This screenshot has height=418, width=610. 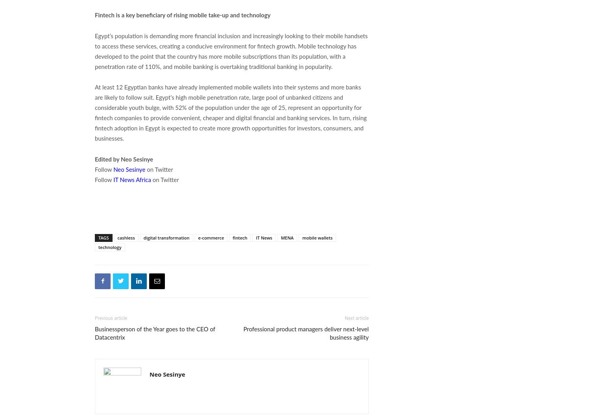 I want to click on 'TAGS', so click(x=104, y=237).